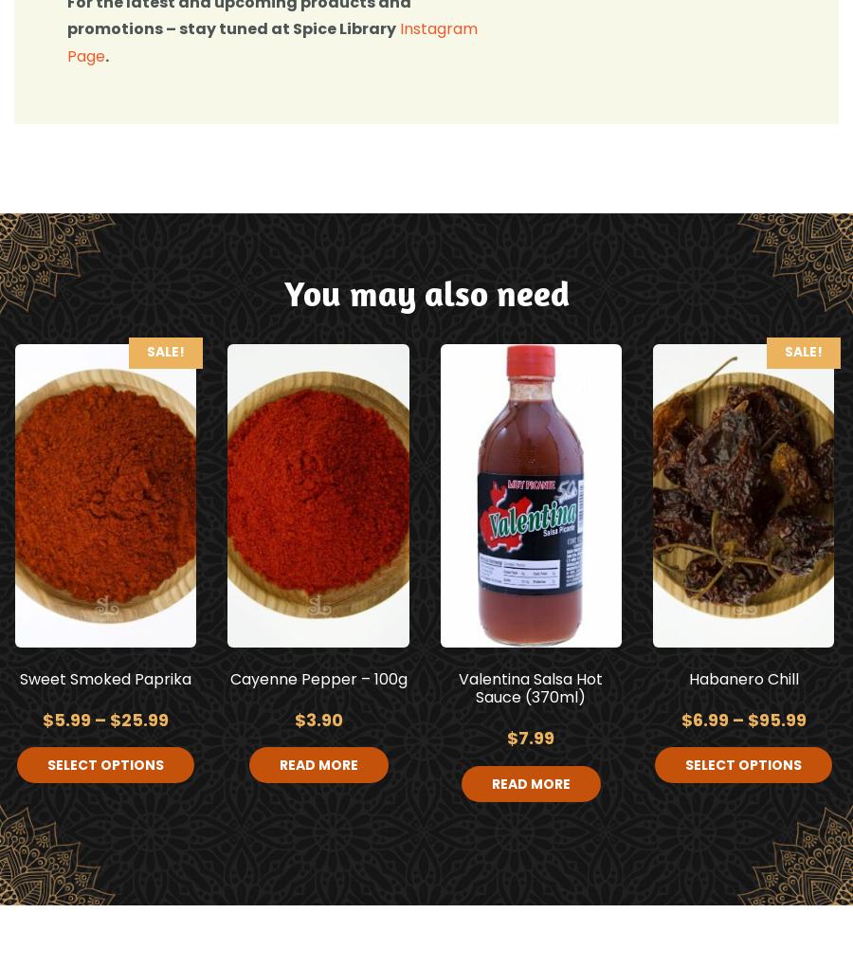 The height and width of the screenshot is (968, 853). I want to click on '95.99', so click(782, 719).